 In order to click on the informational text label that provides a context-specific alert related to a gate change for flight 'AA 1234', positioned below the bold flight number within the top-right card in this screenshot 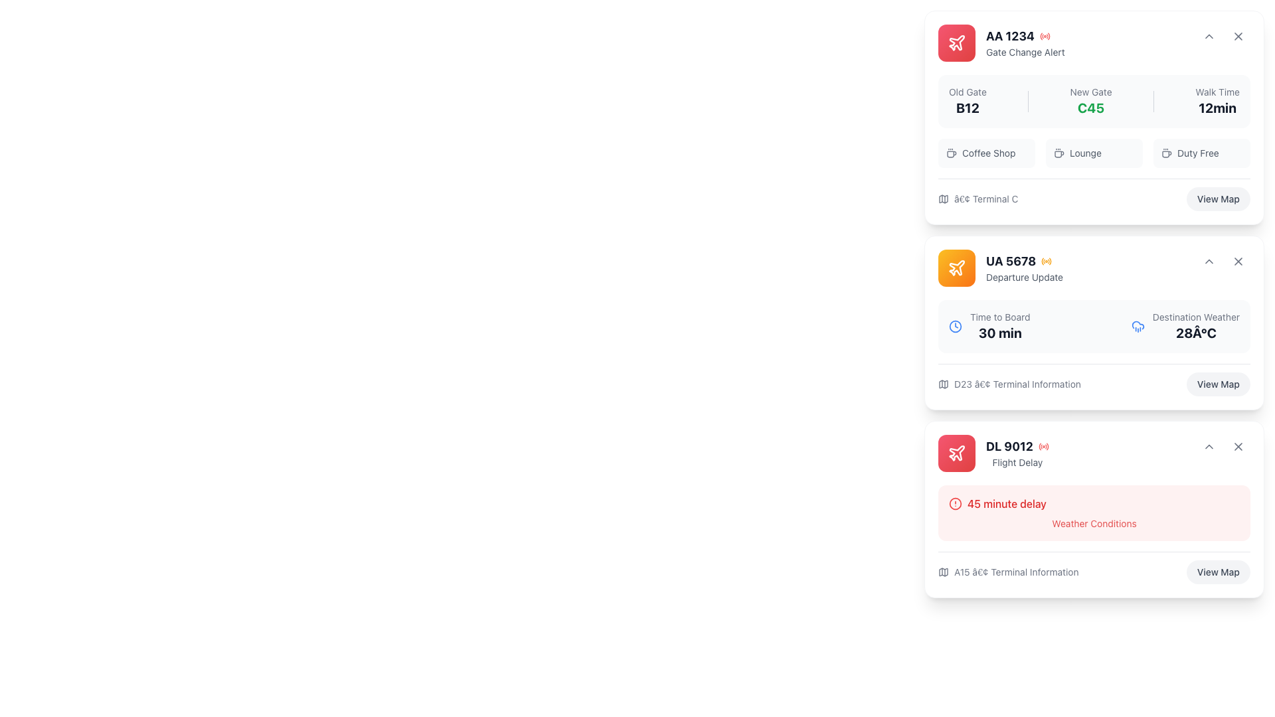, I will do `click(1025, 51)`.